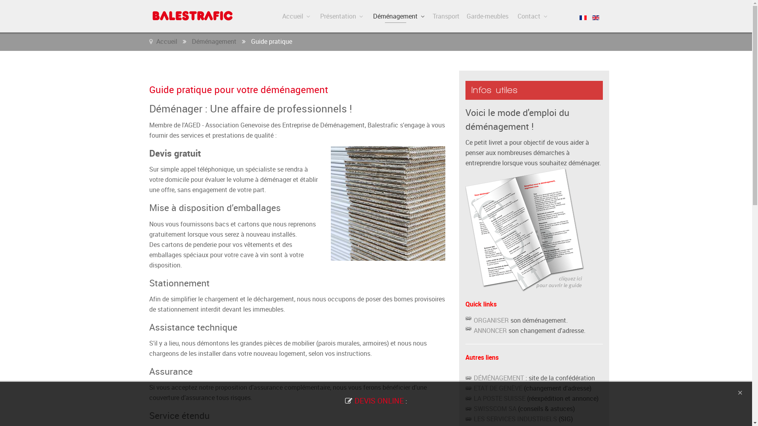  What do you see at coordinates (595, 18) in the screenshot?
I see `'English (UK)'` at bounding box center [595, 18].